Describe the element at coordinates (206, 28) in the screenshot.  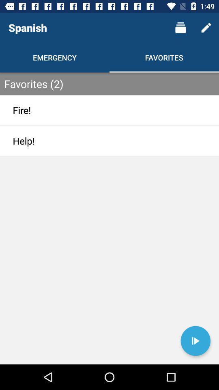
I see `icon above favorites (2)` at that location.